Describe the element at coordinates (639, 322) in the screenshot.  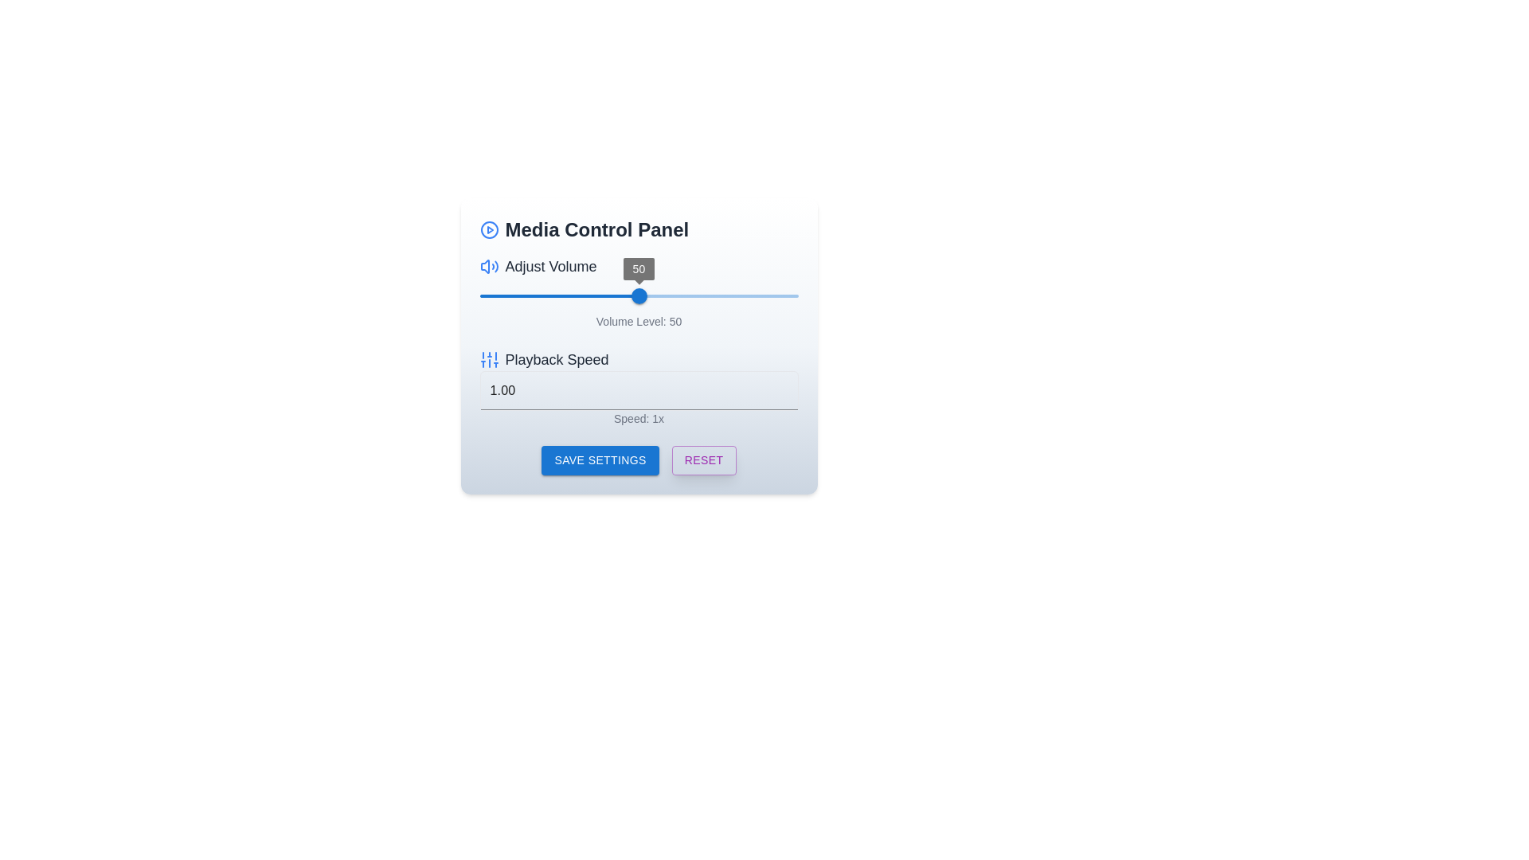
I see `the static informational text element that displays the current volume level setting '50', located below the volume slider and above the 'Playback Speed' section` at that location.